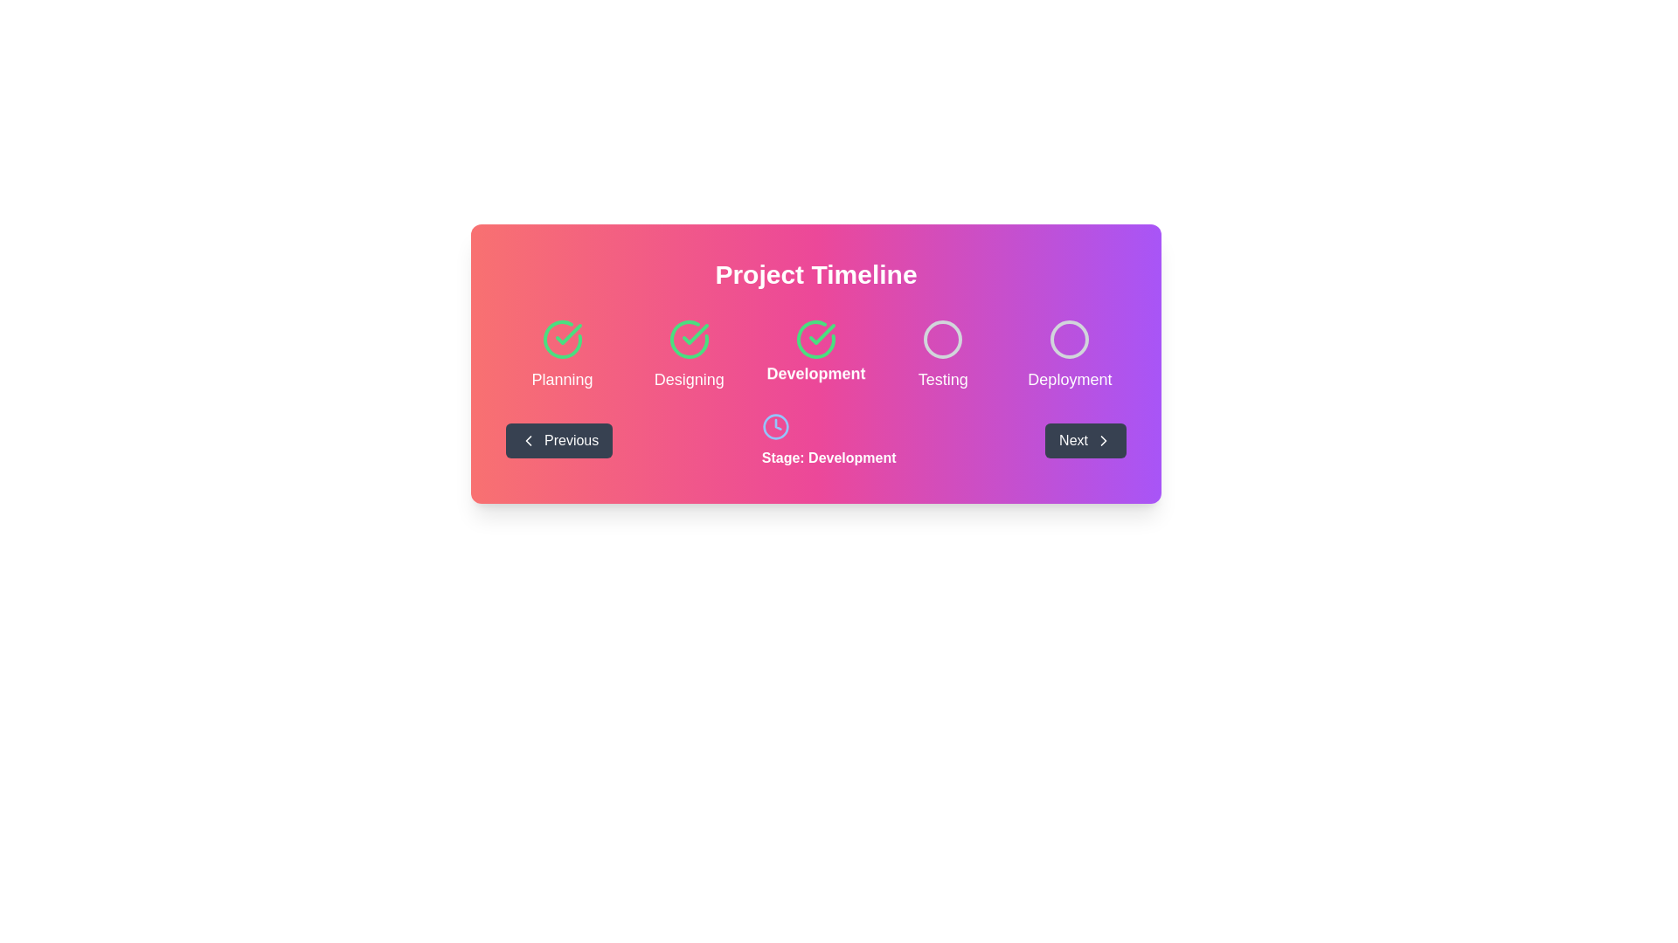 This screenshot has width=1678, height=943. I want to click on the status of the 'Development' stage label, which is the third element in a sequence of project stages, visually highlighted to indicate ongoing activity, so click(815, 354).